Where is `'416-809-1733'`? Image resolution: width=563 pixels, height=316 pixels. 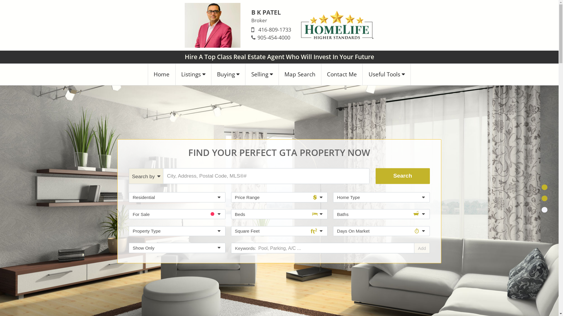
'416-809-1733' is located at coordinates (274, 29).